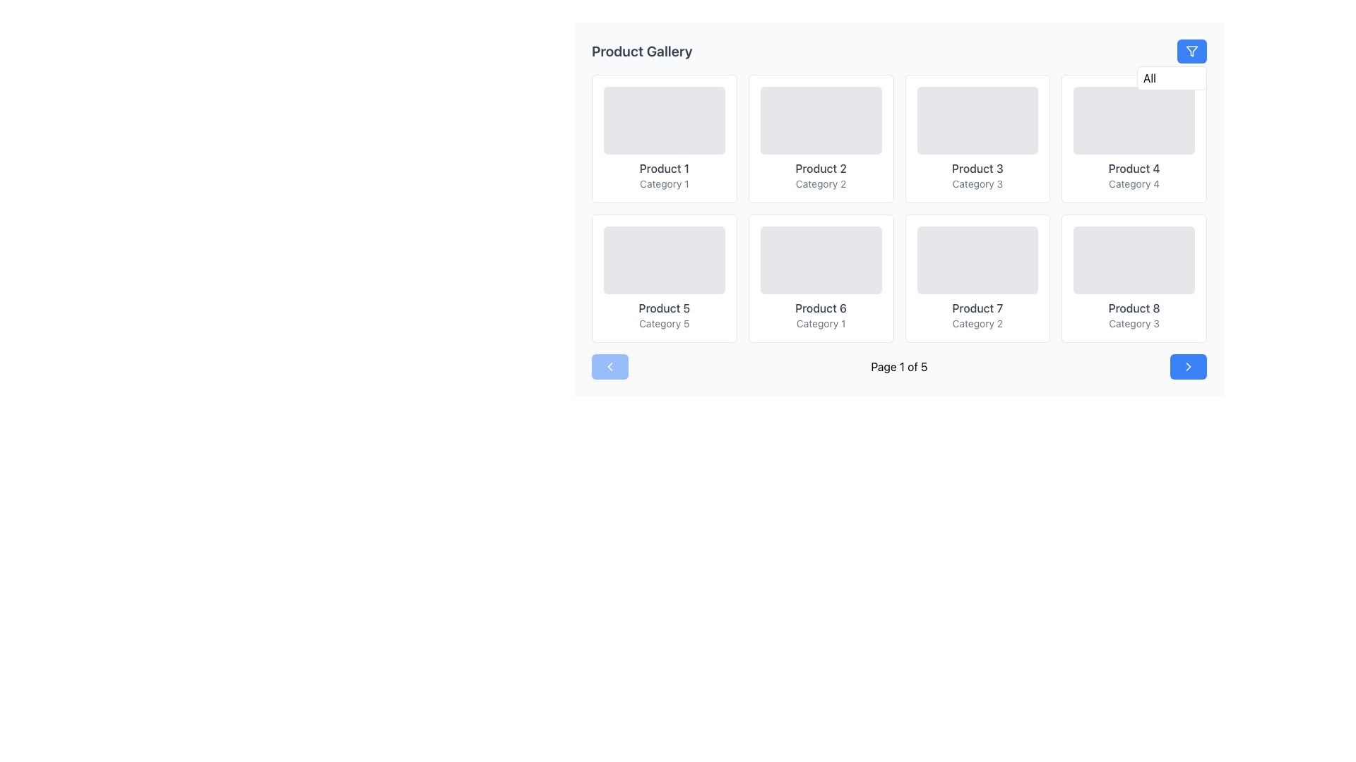 Image resolution: width=1356 pixels, height=762 pixels. I want to click on the second navigational button in the pagination controls, so click(1188, 366).